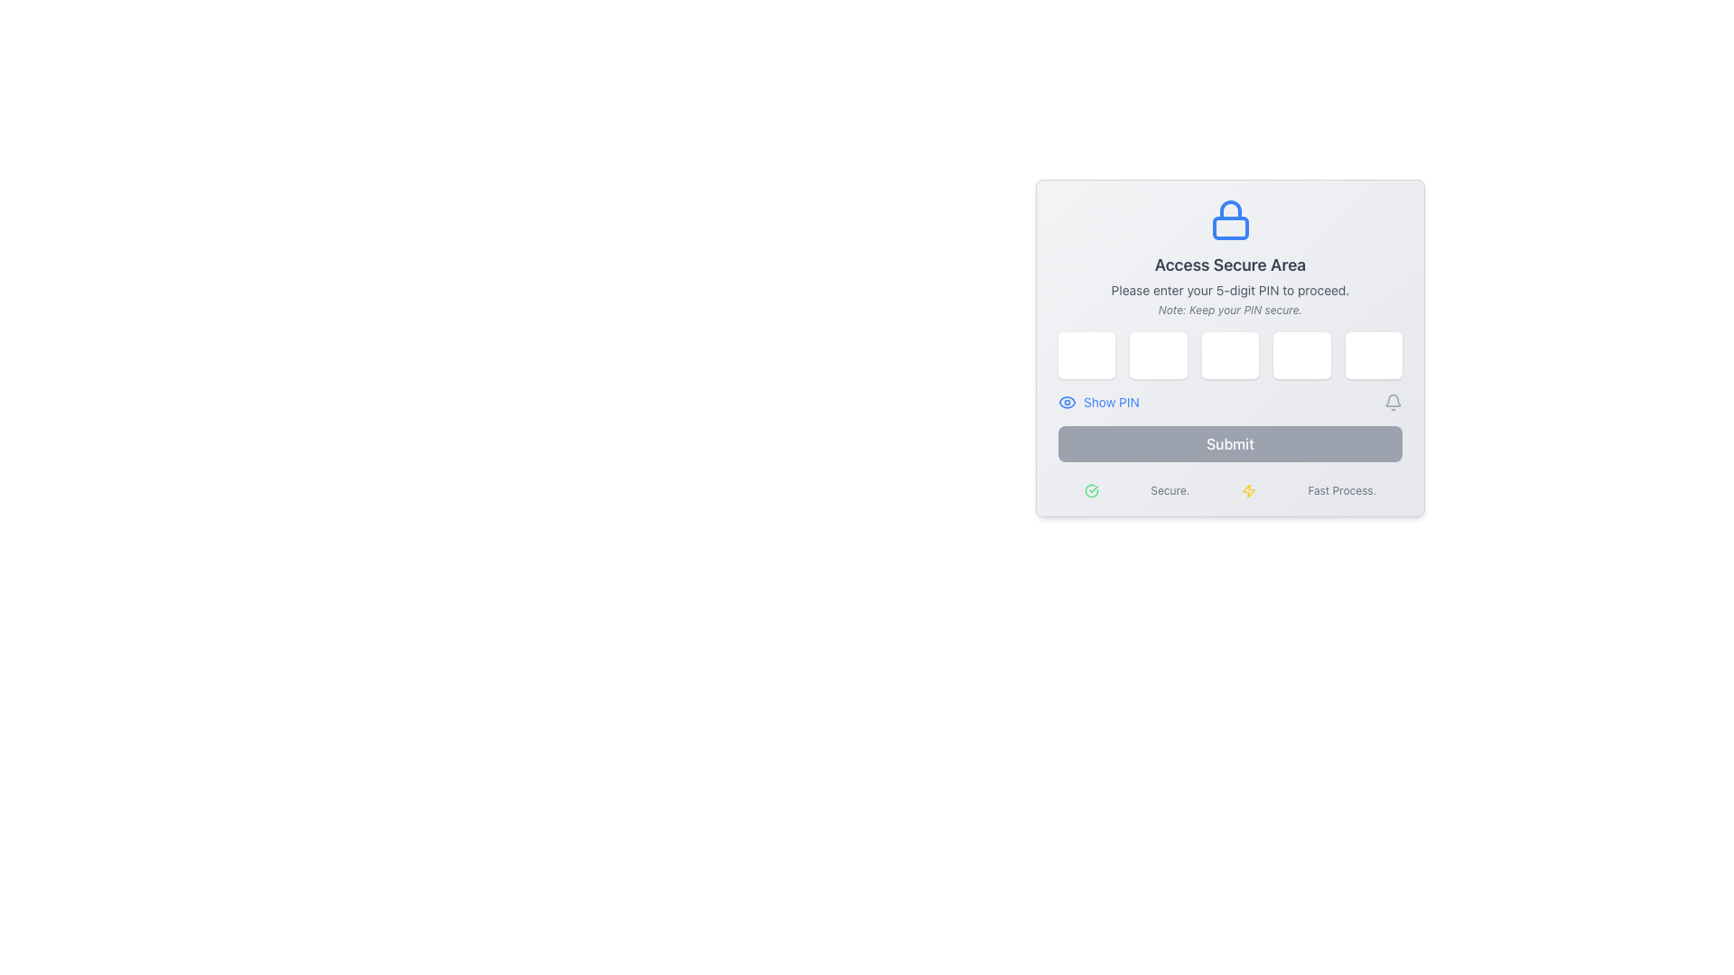 The width and height of the screenshot is (1734, 975). Describe the element at coordinates (1229, 218) in the screenshot. I see `the lock icon located centrally at the top of the form, which signifies security and is positioned above the text 'Access Secure Area.'` at that location.